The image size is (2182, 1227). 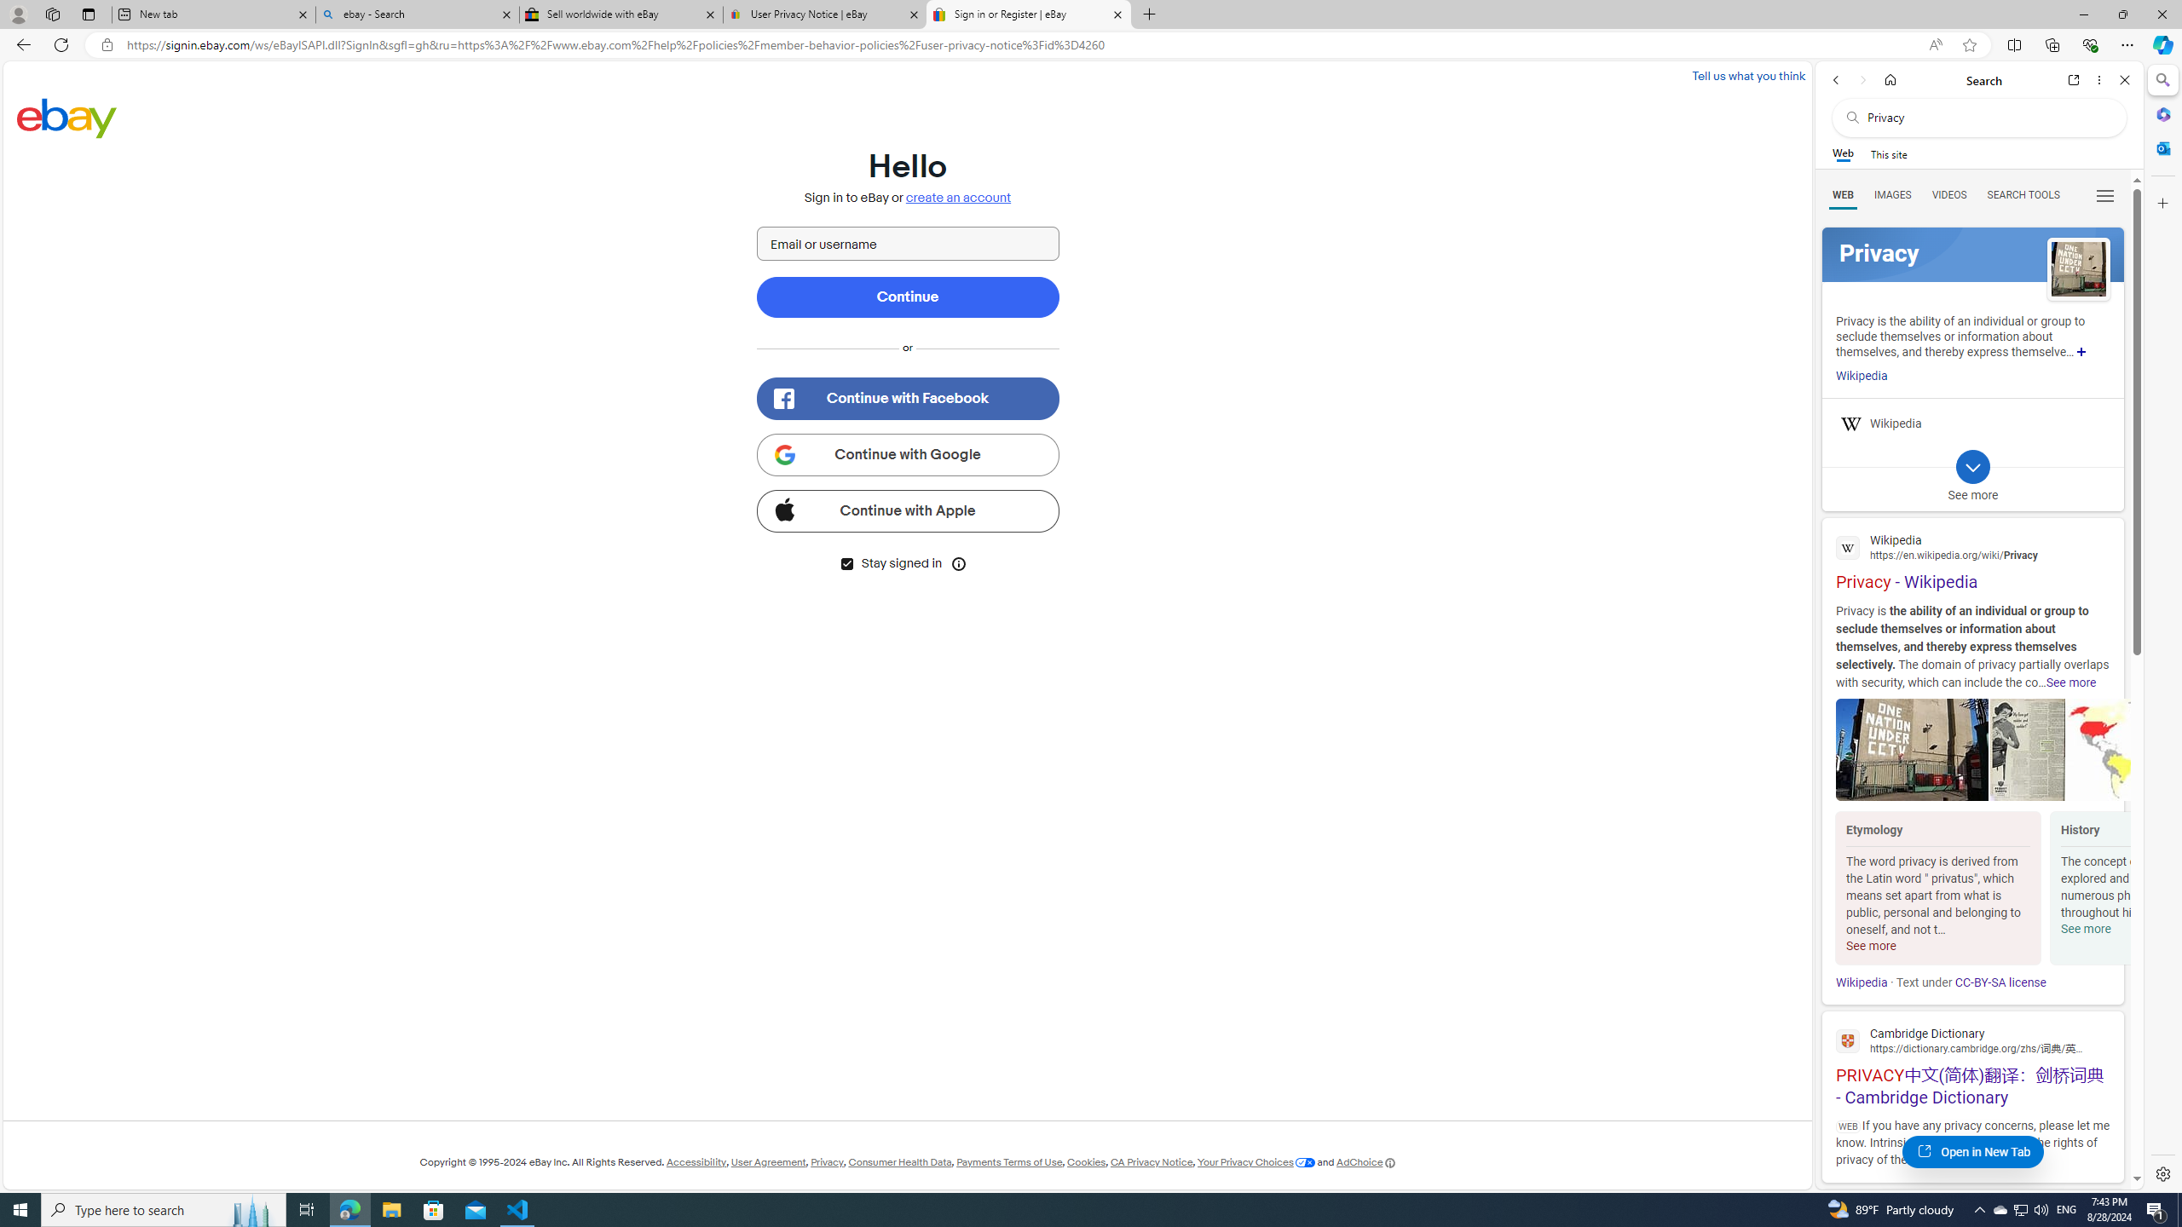 I want to click on 'Search Filter, WEB', so click(x=1843, y=193).